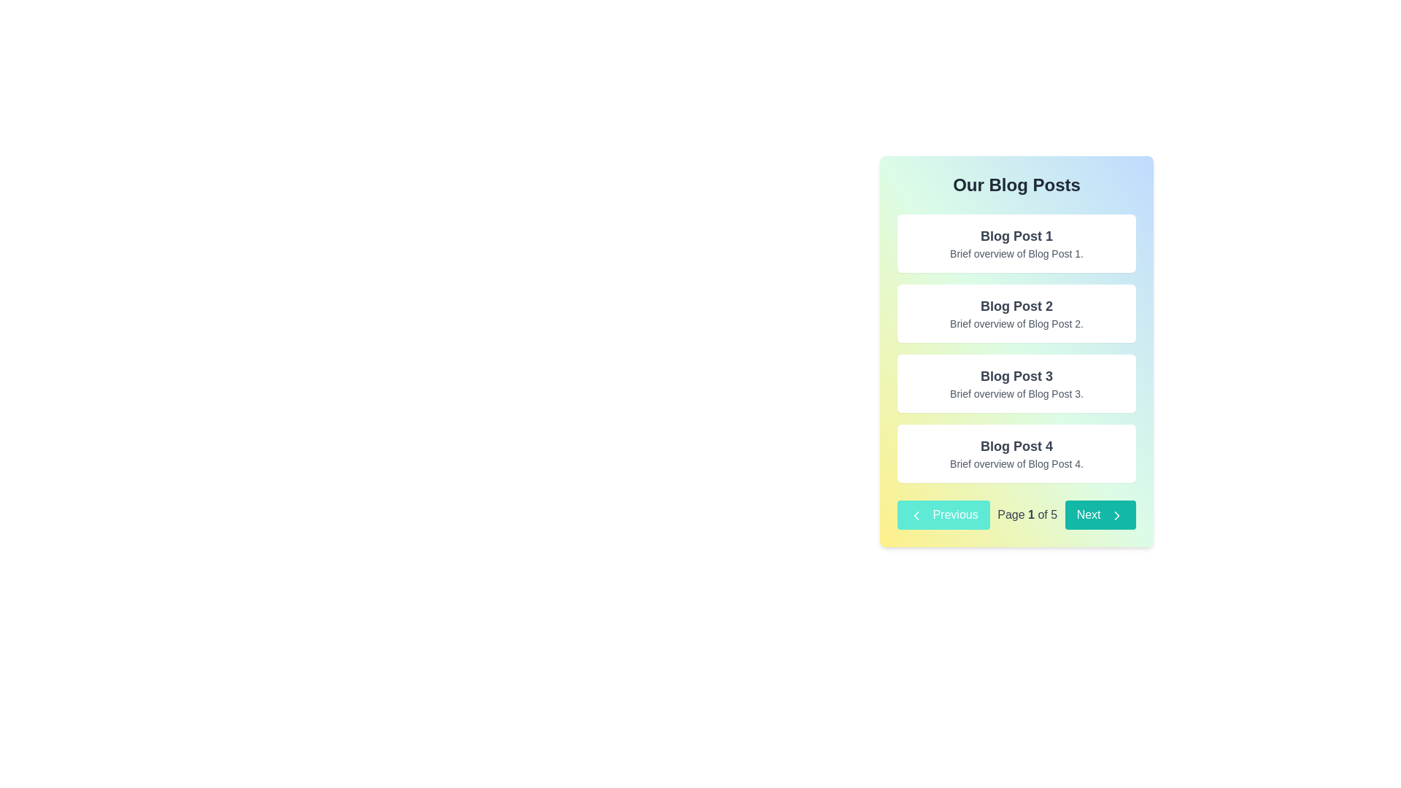 This screenshot has height=788, width=1401. What do you see at coordinates (1016, 252) in the screenshot?
I see `the second line of text in the first blog post entry, which provides a brief descriptive overview of the blog post titled 'Blog Post 1'` at bounding box center [1016, 252].